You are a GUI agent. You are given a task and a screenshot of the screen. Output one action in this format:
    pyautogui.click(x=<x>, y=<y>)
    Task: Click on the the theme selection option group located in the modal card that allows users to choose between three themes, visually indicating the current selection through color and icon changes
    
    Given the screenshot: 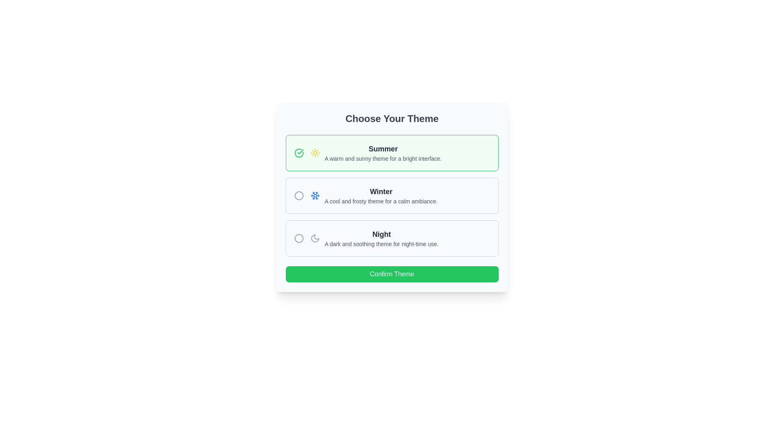 What is the action you would take?
    pyautogui.click(x=392, y=196)
    